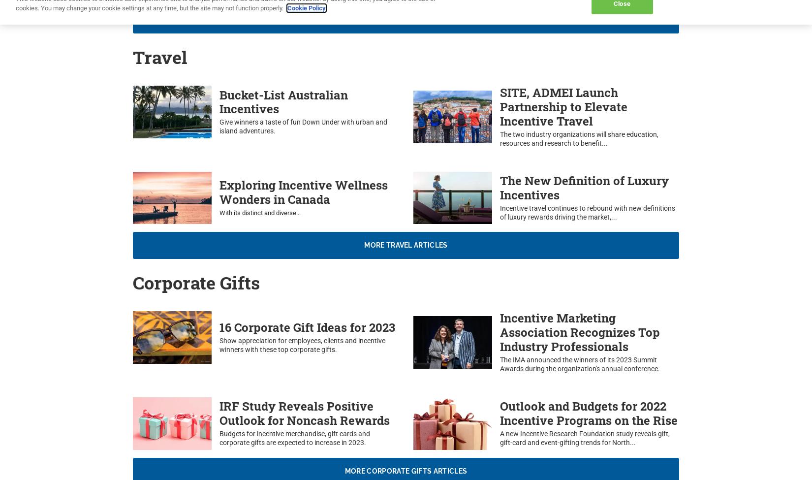 The height and width of the screenshot is (480, 812). I want to click on 'With its distinct and diverse...', so click(259, 213).